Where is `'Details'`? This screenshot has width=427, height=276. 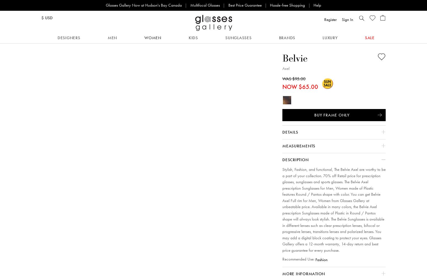 'Details' is located at coordinates (290, 132).